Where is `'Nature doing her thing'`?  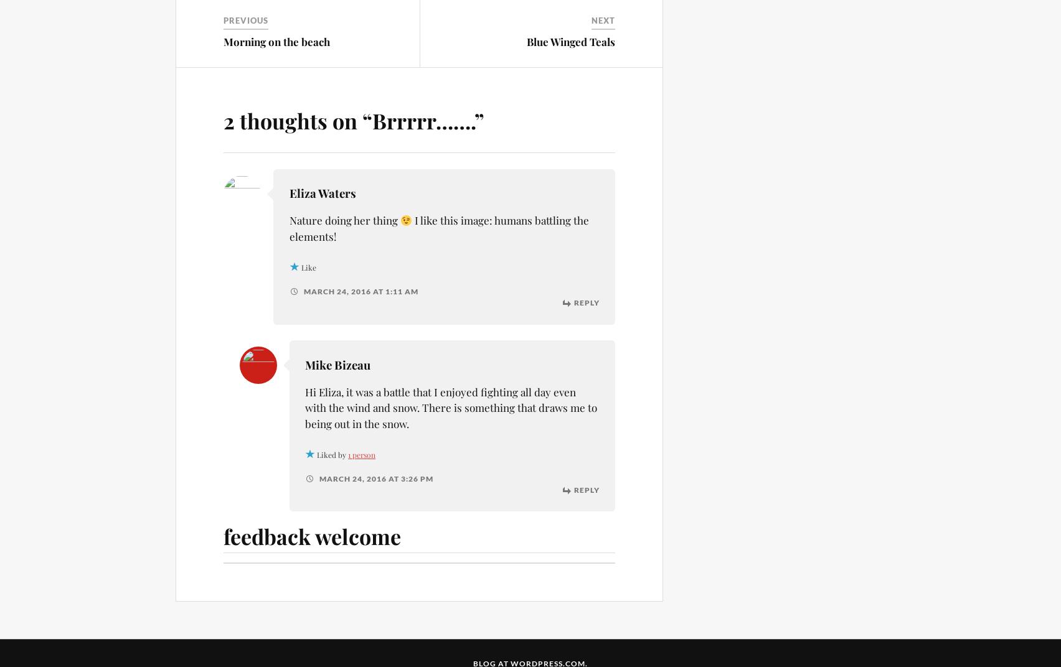 'Nature doing her thing' is located at coordinates (344, 220).